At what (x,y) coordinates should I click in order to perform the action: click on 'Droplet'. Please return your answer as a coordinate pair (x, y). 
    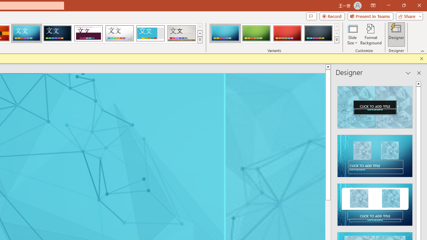
    Looking at the image, I should click on (119, 33).